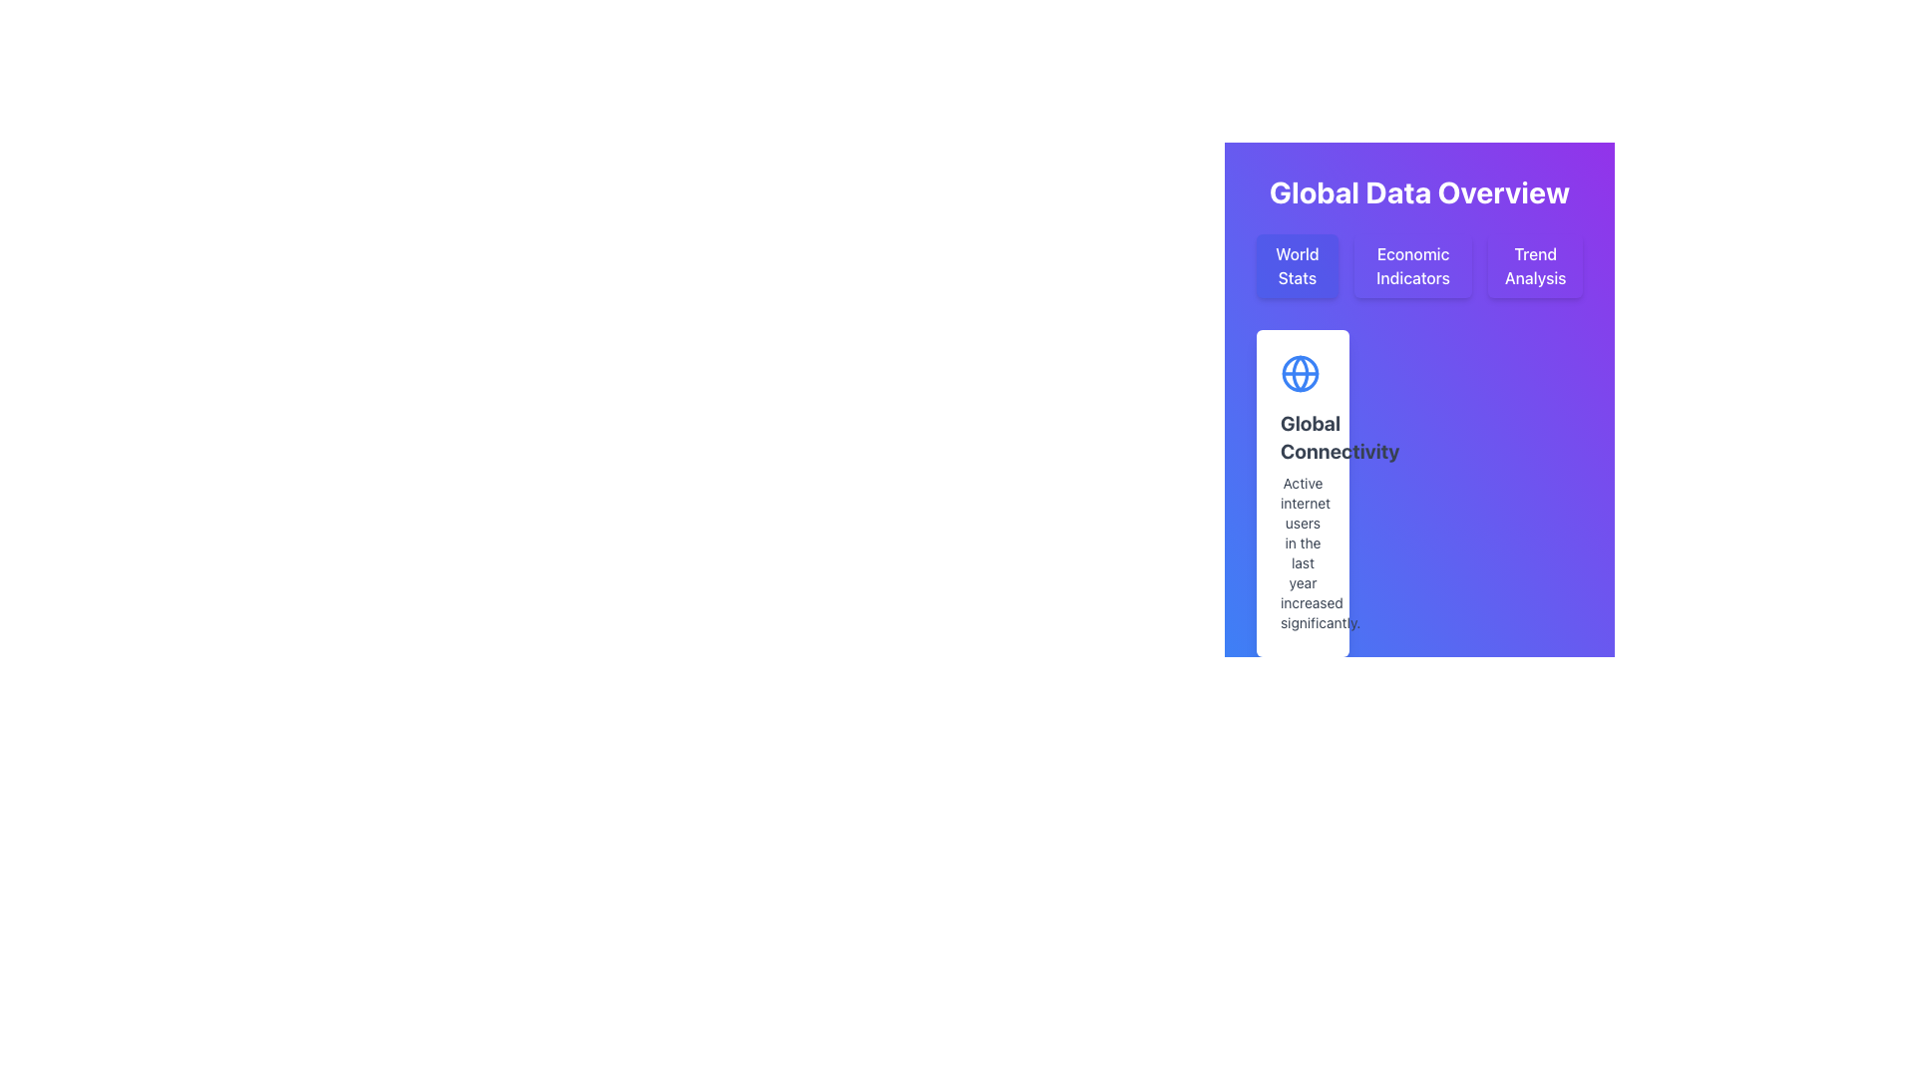 Image resolution: width=1915 pixels, height=1077 pixels. What do you see at coordinates (1301, 373) in the screenshot?
I see `the centrally positioned SVG circle graphic within the globe icon located in the white card layout beneath 'Global Data Overview' and associated with 'Global Connectivity'` at bounding box center [1301, 373].